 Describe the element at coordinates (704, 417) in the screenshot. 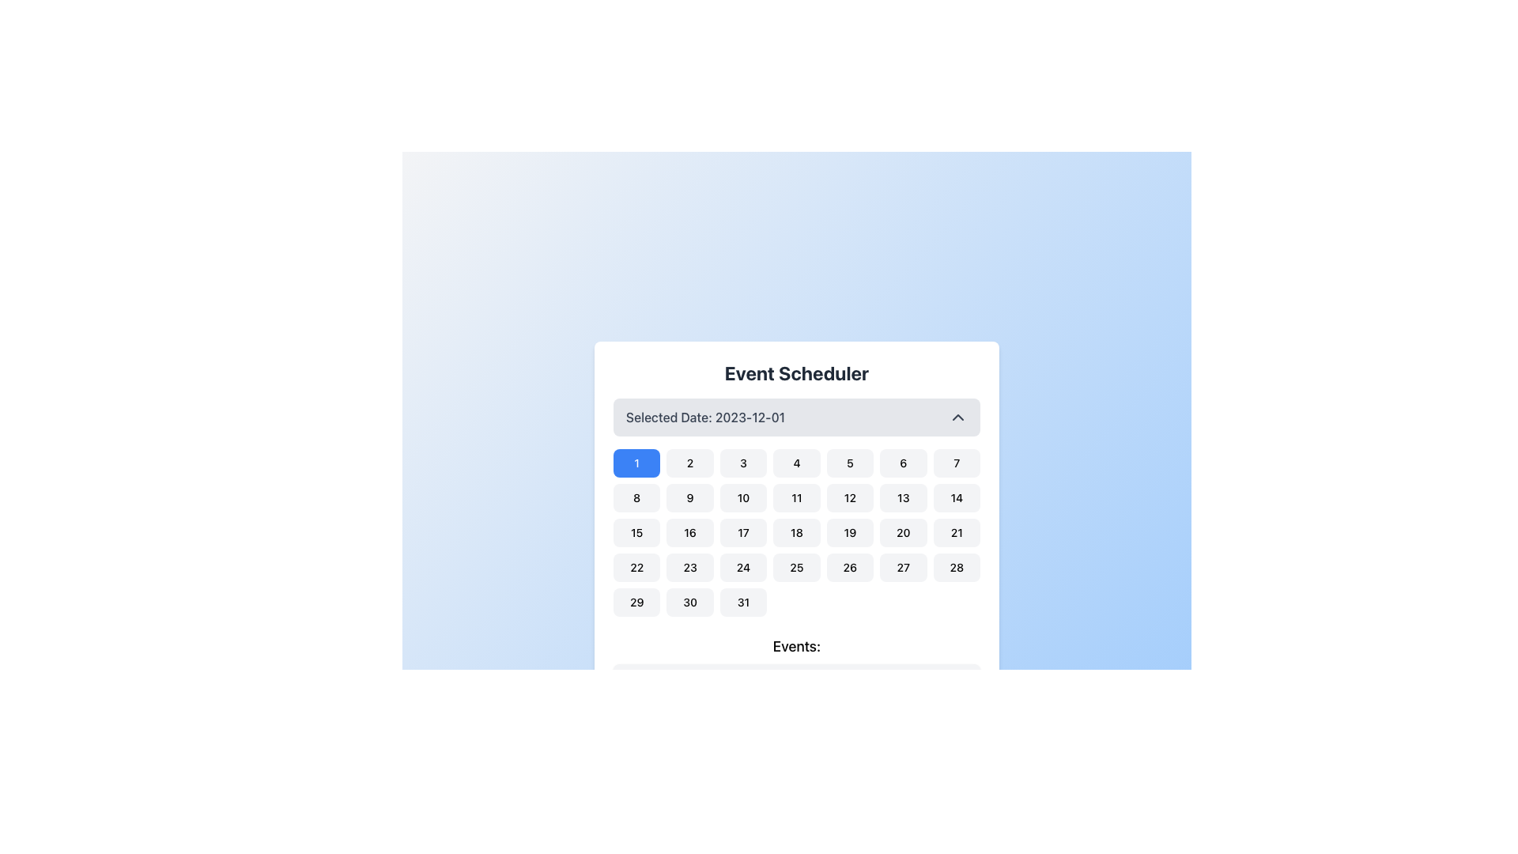

I see `the static text label displaying 'Selected Date: 2023-12-01'` at that location.